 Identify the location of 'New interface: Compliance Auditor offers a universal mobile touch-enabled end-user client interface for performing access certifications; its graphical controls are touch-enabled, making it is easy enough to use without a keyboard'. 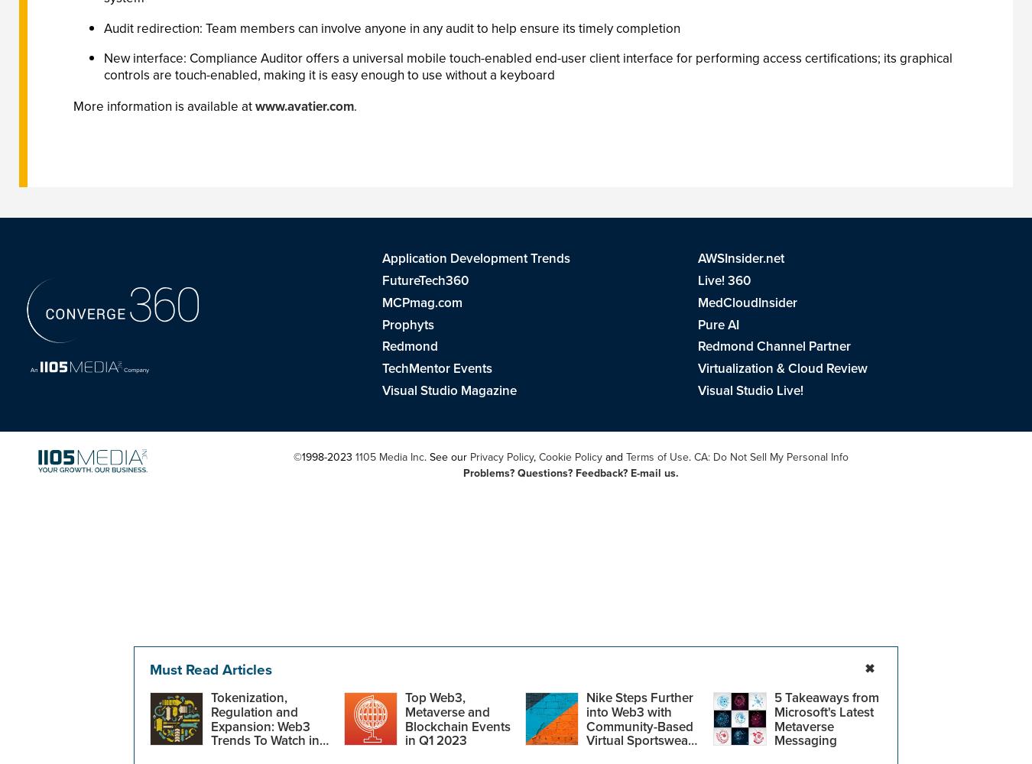
(527, 65).